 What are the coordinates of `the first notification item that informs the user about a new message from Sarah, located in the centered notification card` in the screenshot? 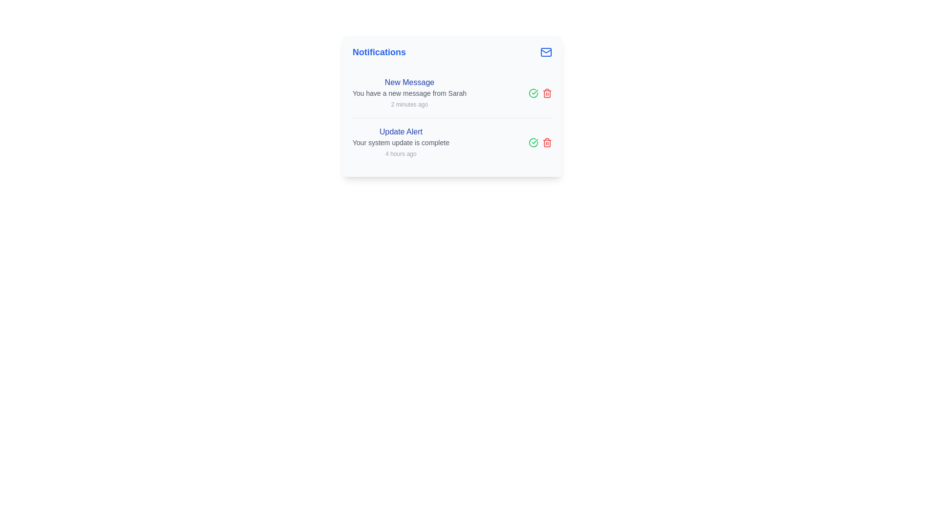 It's located at (452, 93).